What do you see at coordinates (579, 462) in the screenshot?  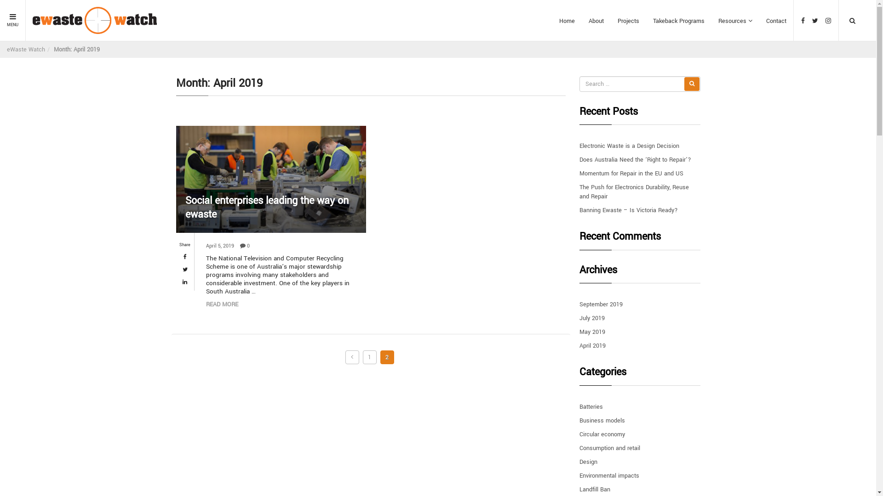 I see `'Design'` at bounding box center [579, 462].